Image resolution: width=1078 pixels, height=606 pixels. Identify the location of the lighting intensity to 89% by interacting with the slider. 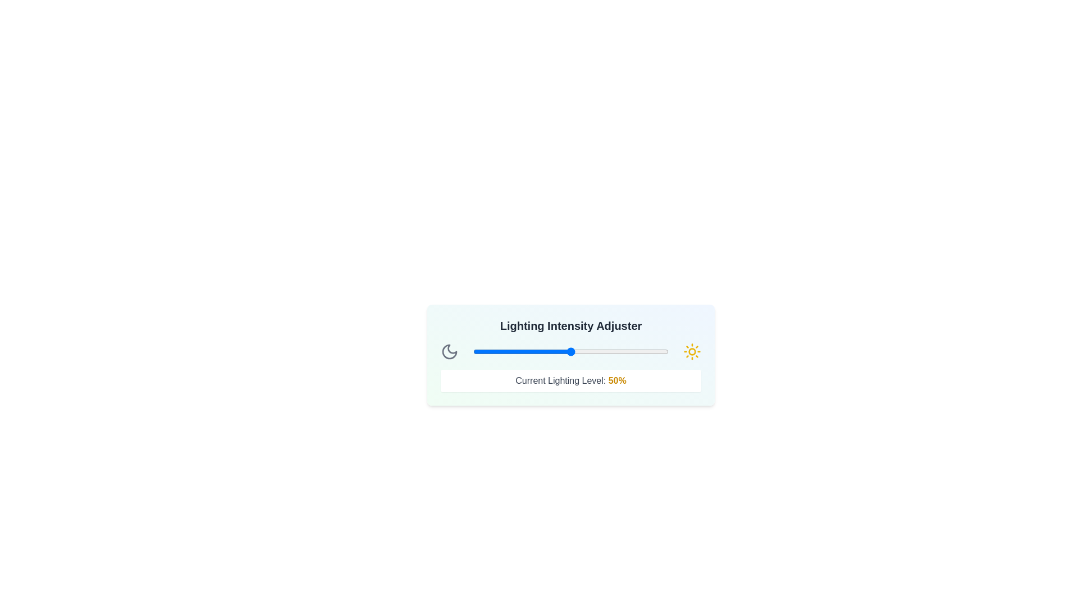
(647, 351).